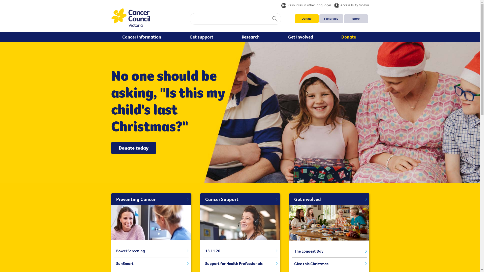 The height and width of the screenshot is (272, 484). Describe the element at coordinates (150, 199) in the screenshot. I see `'Preventing Cancer'` at that location.